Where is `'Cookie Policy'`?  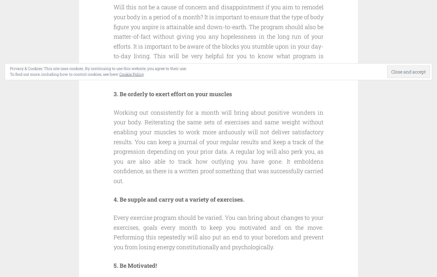
'Cookie Policy' is located at coordinates (131, 74).